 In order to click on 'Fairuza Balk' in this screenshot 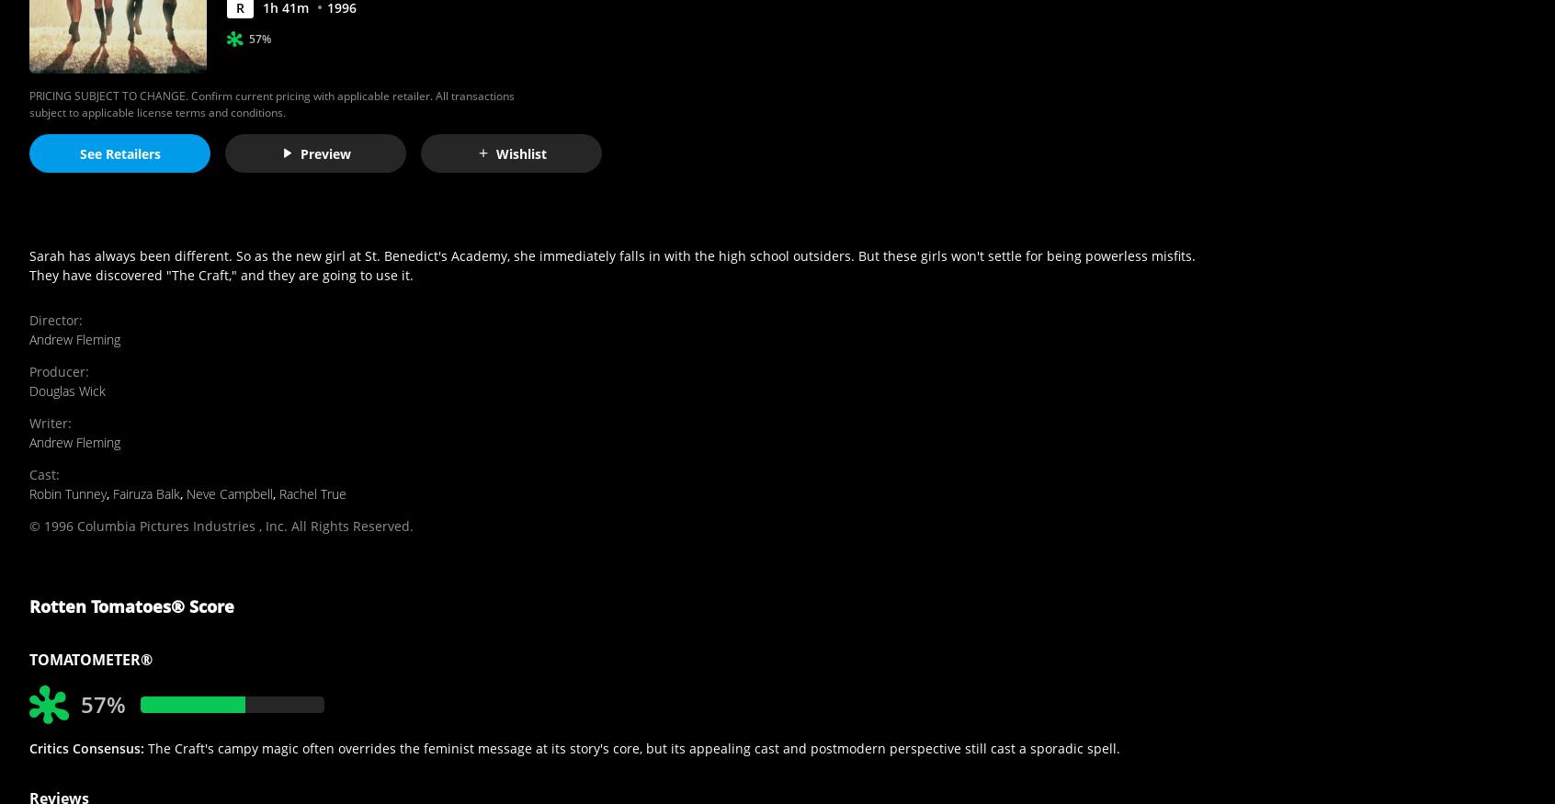, I will do `click(145, 493)`.